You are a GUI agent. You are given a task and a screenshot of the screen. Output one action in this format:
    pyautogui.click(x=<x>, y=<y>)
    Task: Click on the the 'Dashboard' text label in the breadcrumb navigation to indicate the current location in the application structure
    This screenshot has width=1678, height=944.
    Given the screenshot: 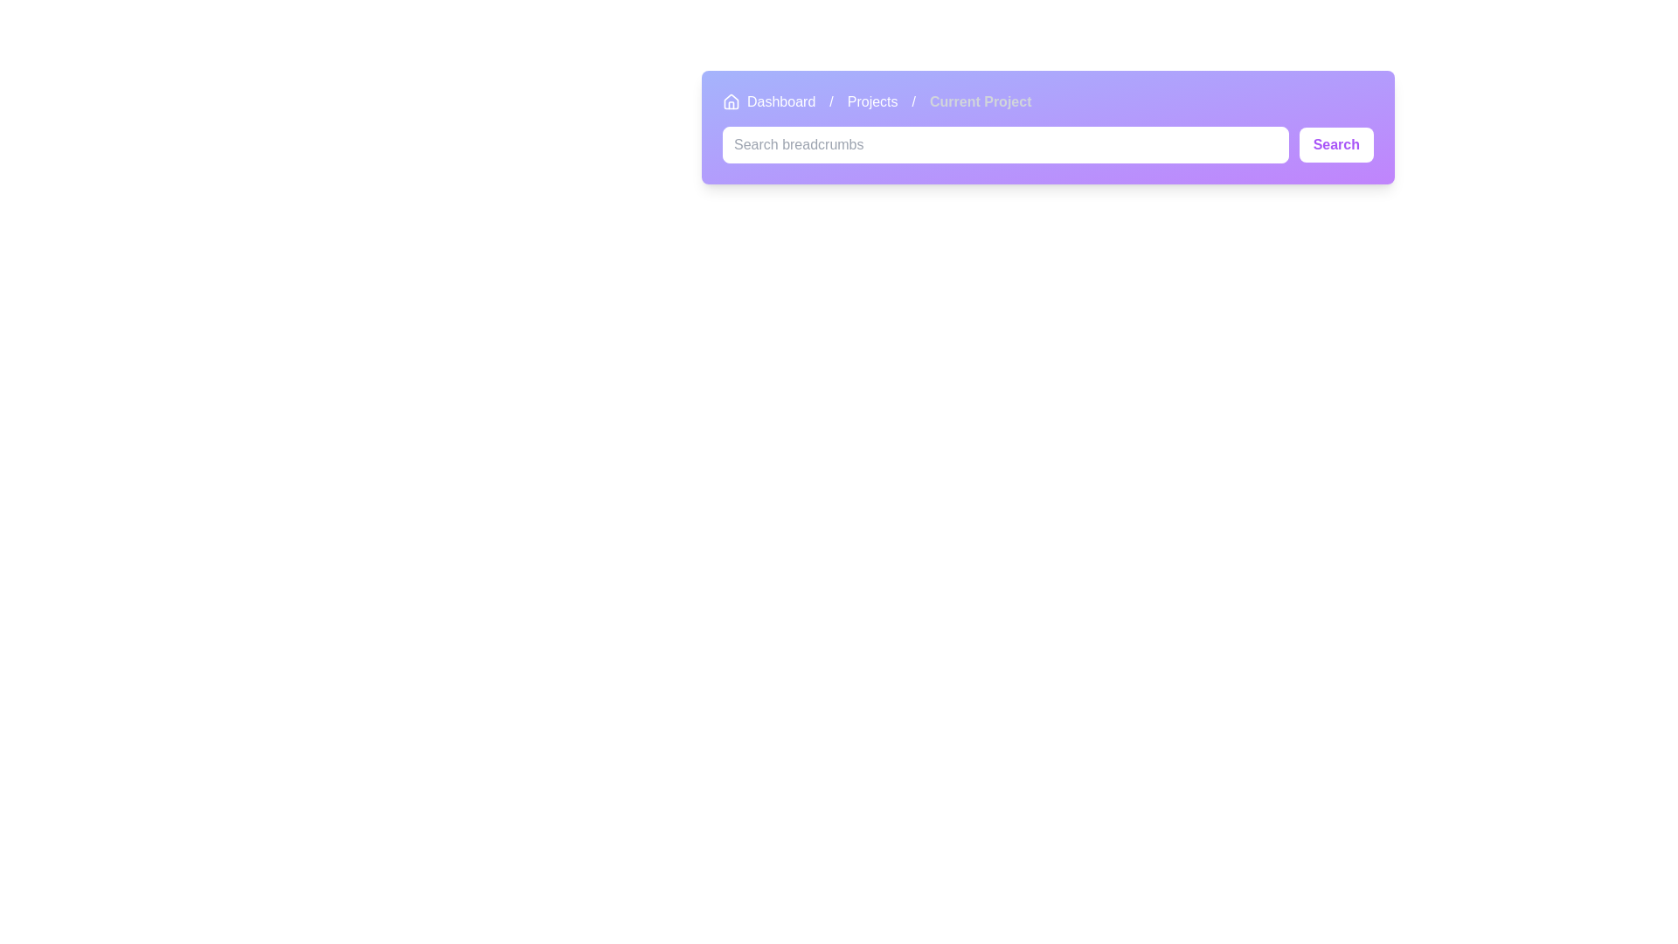 What is the action you would take?
    pyautogui.click(x=769, y=101)
    